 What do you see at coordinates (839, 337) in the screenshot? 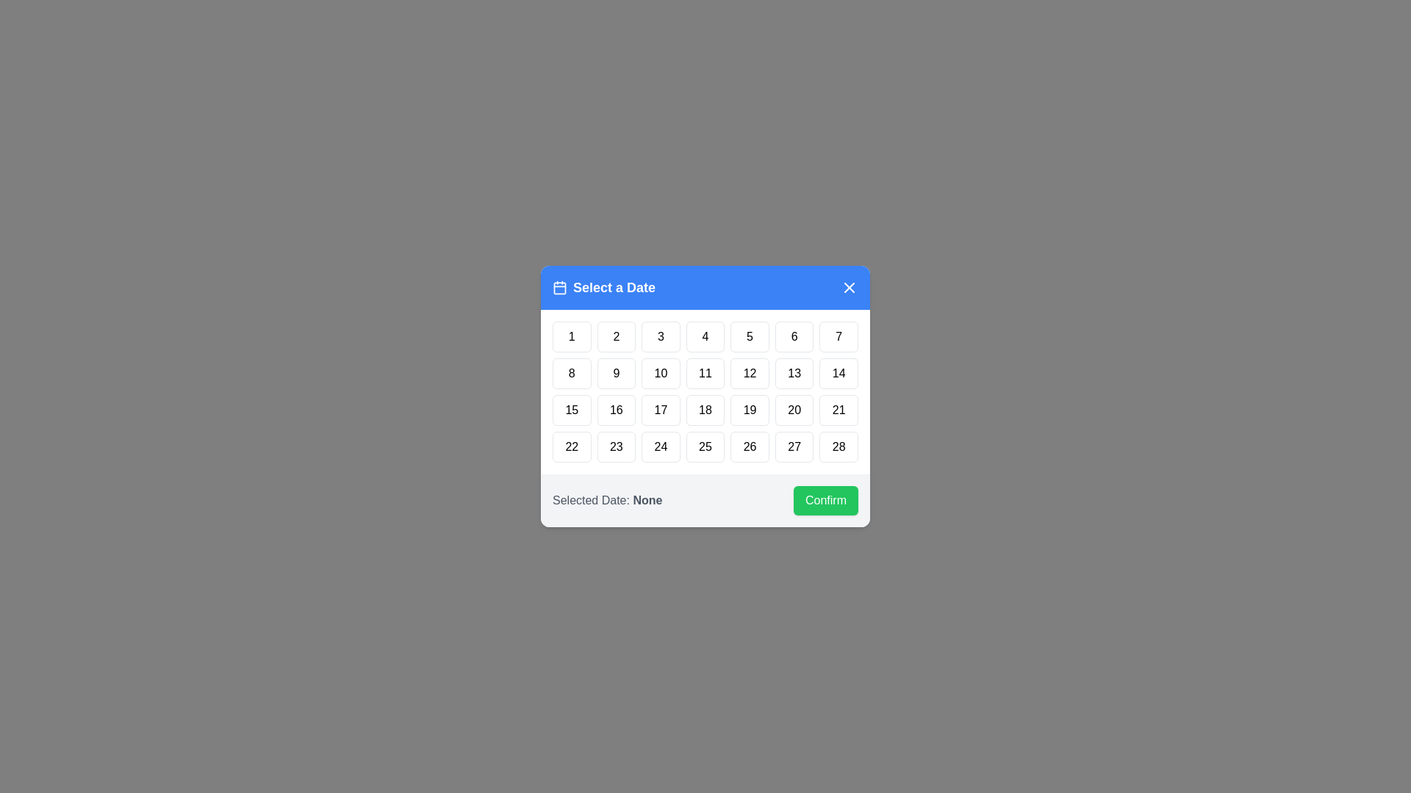
I see `the button representing the day 7 to select that date` at bounding box center [839, 337].